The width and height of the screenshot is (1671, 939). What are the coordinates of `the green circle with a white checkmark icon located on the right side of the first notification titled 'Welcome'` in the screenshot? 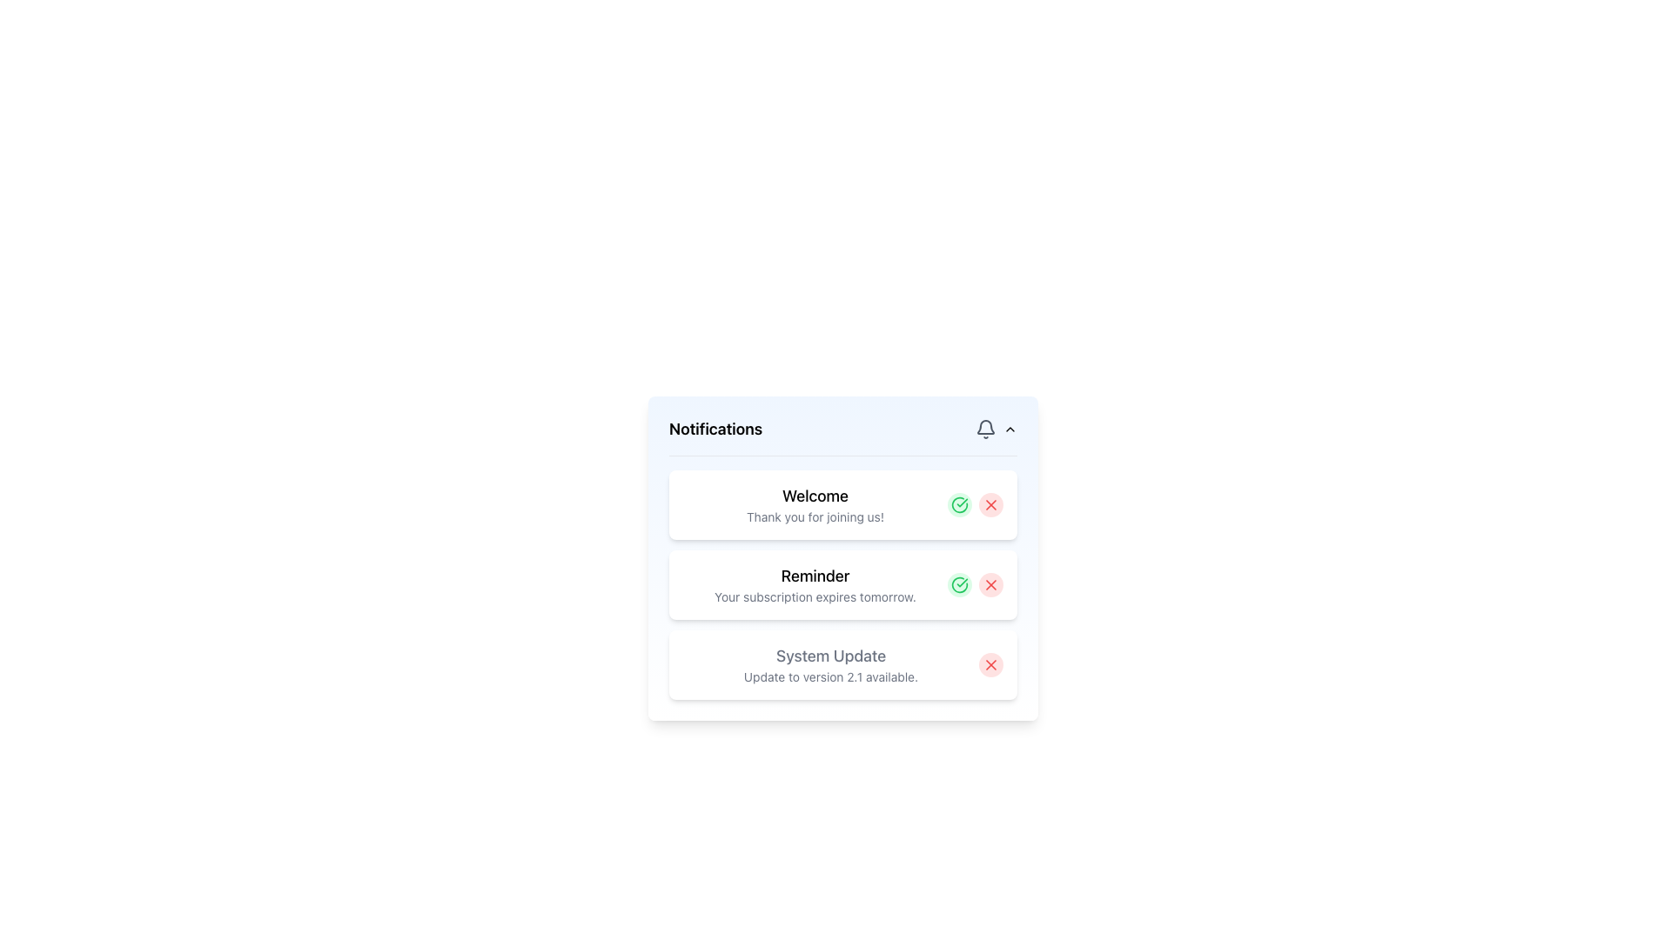 It's located at (959, 584).